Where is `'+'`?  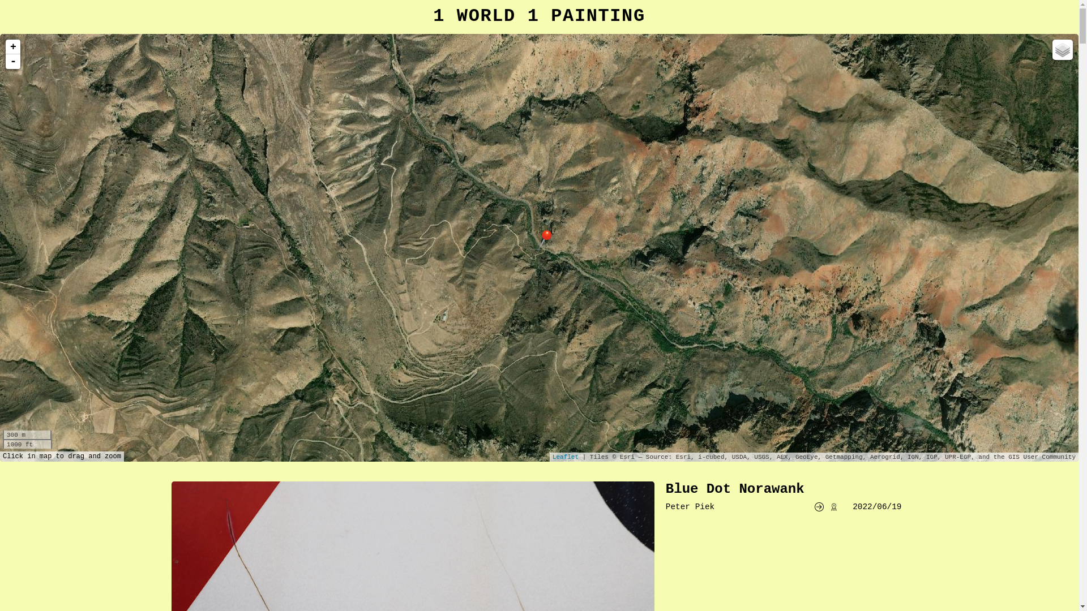
'+' is located at coordinates (13, 46).